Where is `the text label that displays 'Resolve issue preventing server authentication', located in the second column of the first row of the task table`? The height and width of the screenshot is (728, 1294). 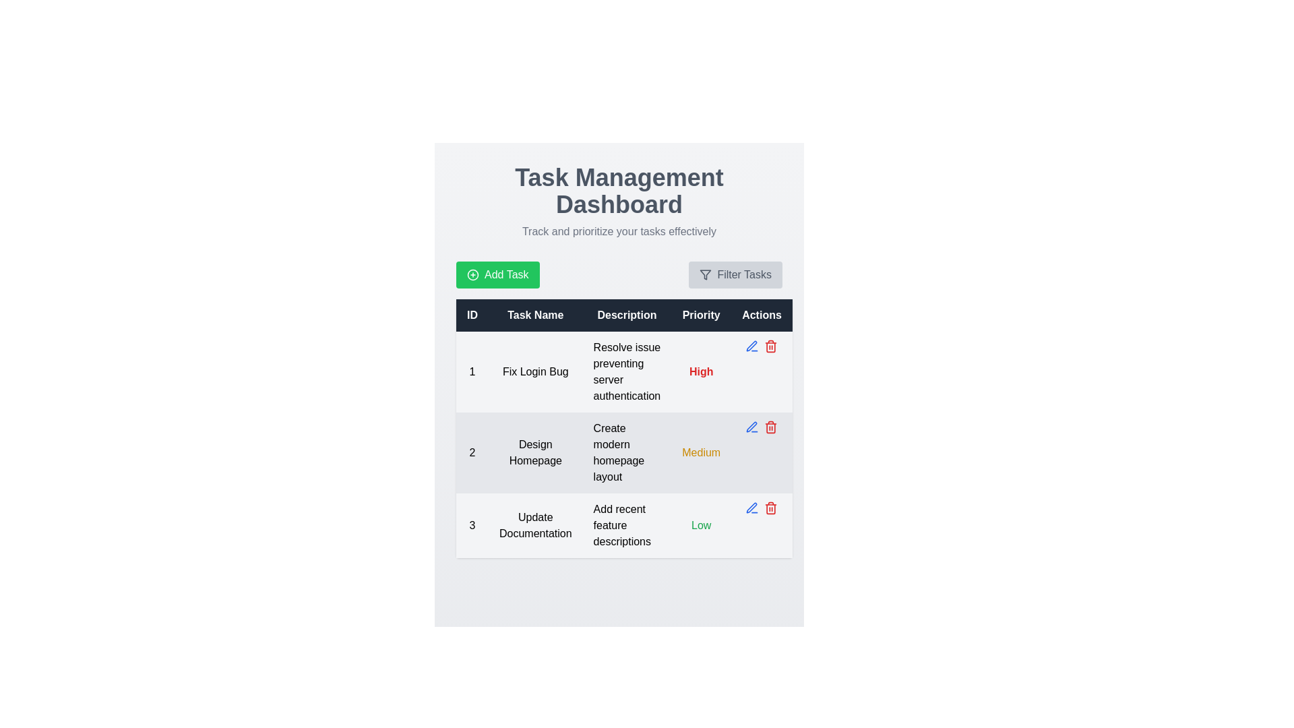 the text label that displays 'Resolve issue preventing server authentication', located in the second column of the first row of the task table is located at coordinates (626, 371).